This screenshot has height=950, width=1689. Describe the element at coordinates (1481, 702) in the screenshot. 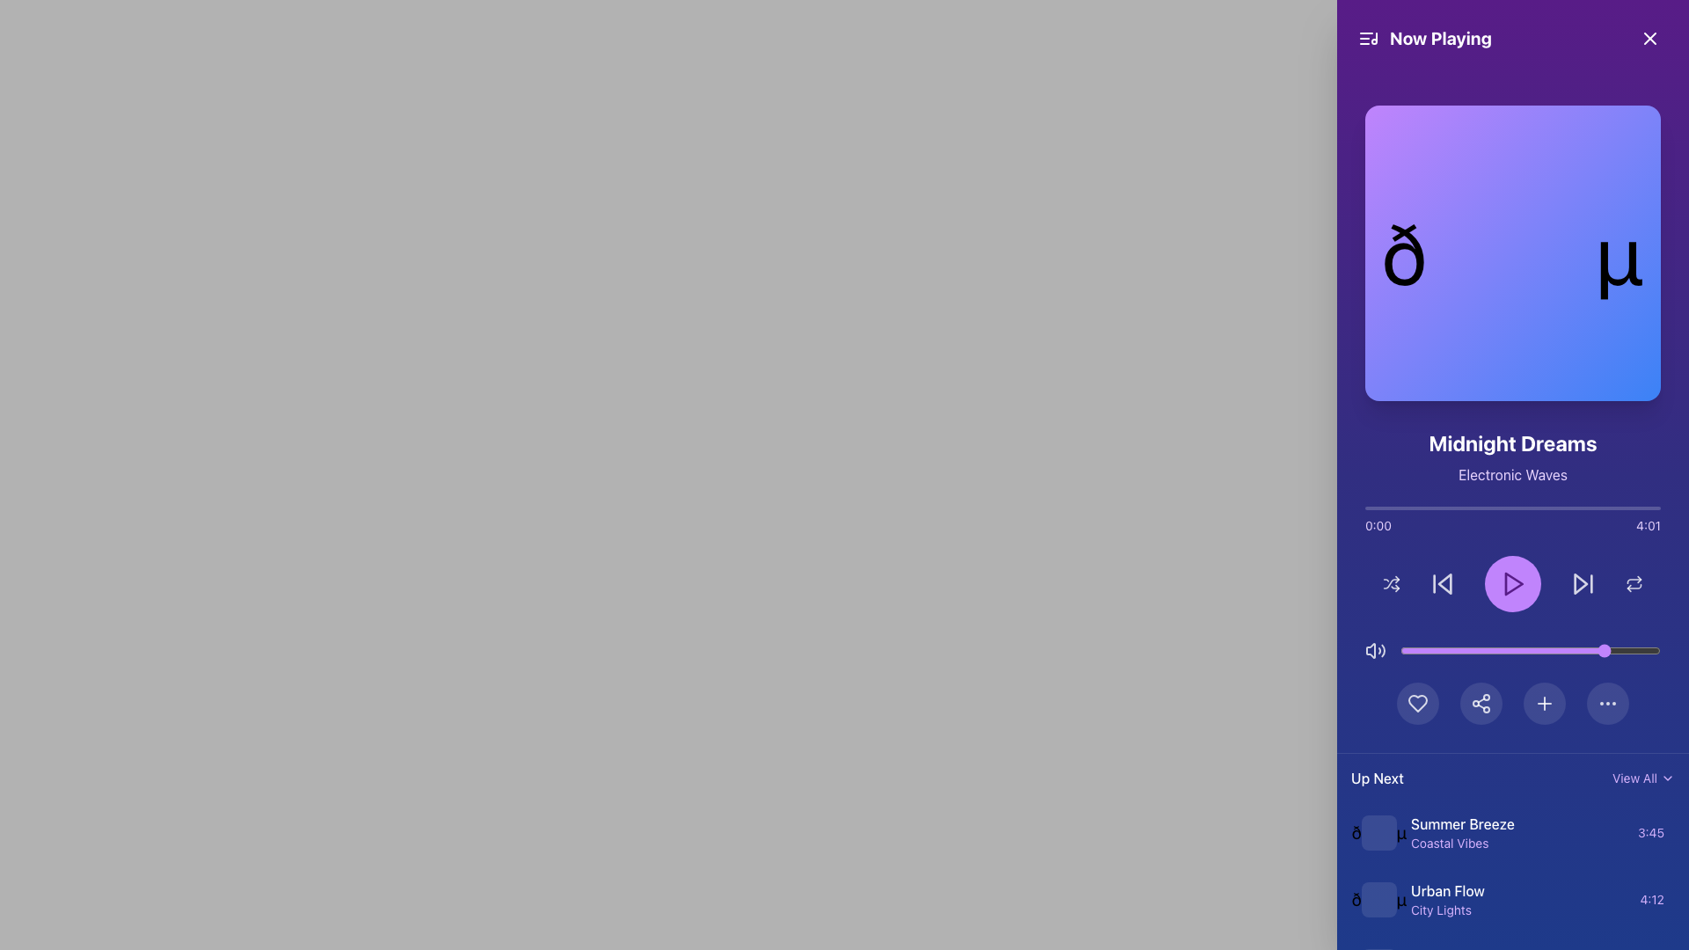

I see `the sharing button located` at that location.